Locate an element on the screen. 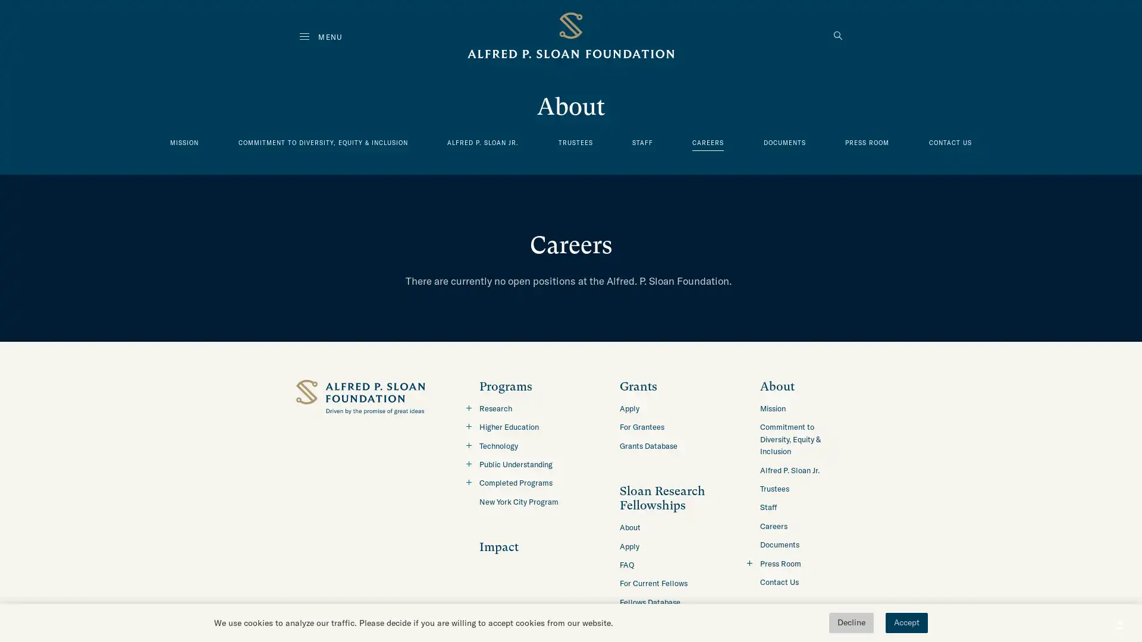  Click to search the website is located at coordinates (837, 36).